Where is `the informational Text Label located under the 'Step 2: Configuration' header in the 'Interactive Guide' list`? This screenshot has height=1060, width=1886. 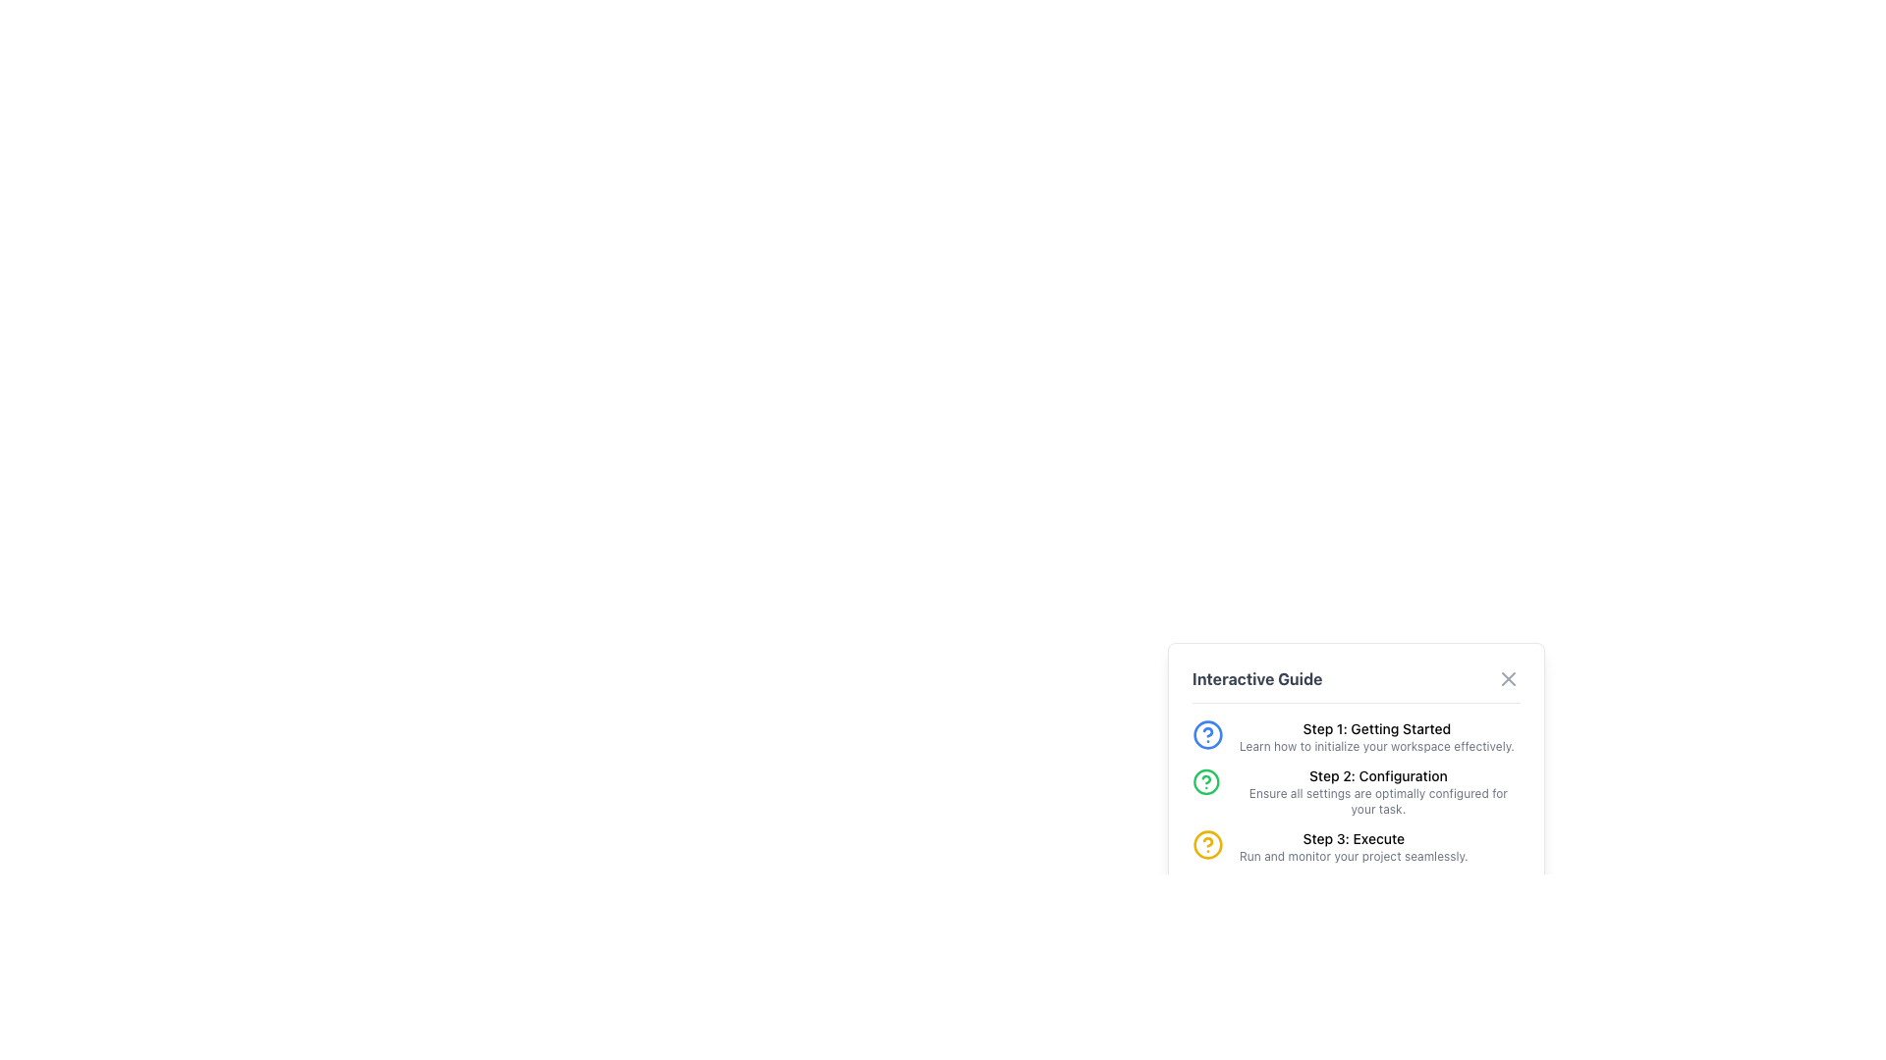 the informational Text Label located under the 'Step 2: Configuration' header in the 'Interactive Guide' list is located at coordinates (1377, 802).